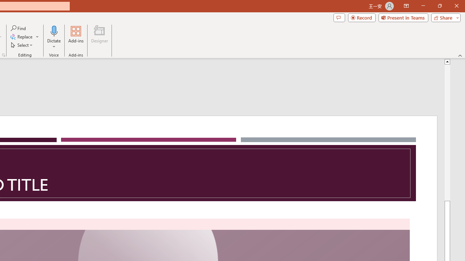 The width and height of the screenshot is (465, 261). I want to click on 'Restore Down', so click(439, 6).